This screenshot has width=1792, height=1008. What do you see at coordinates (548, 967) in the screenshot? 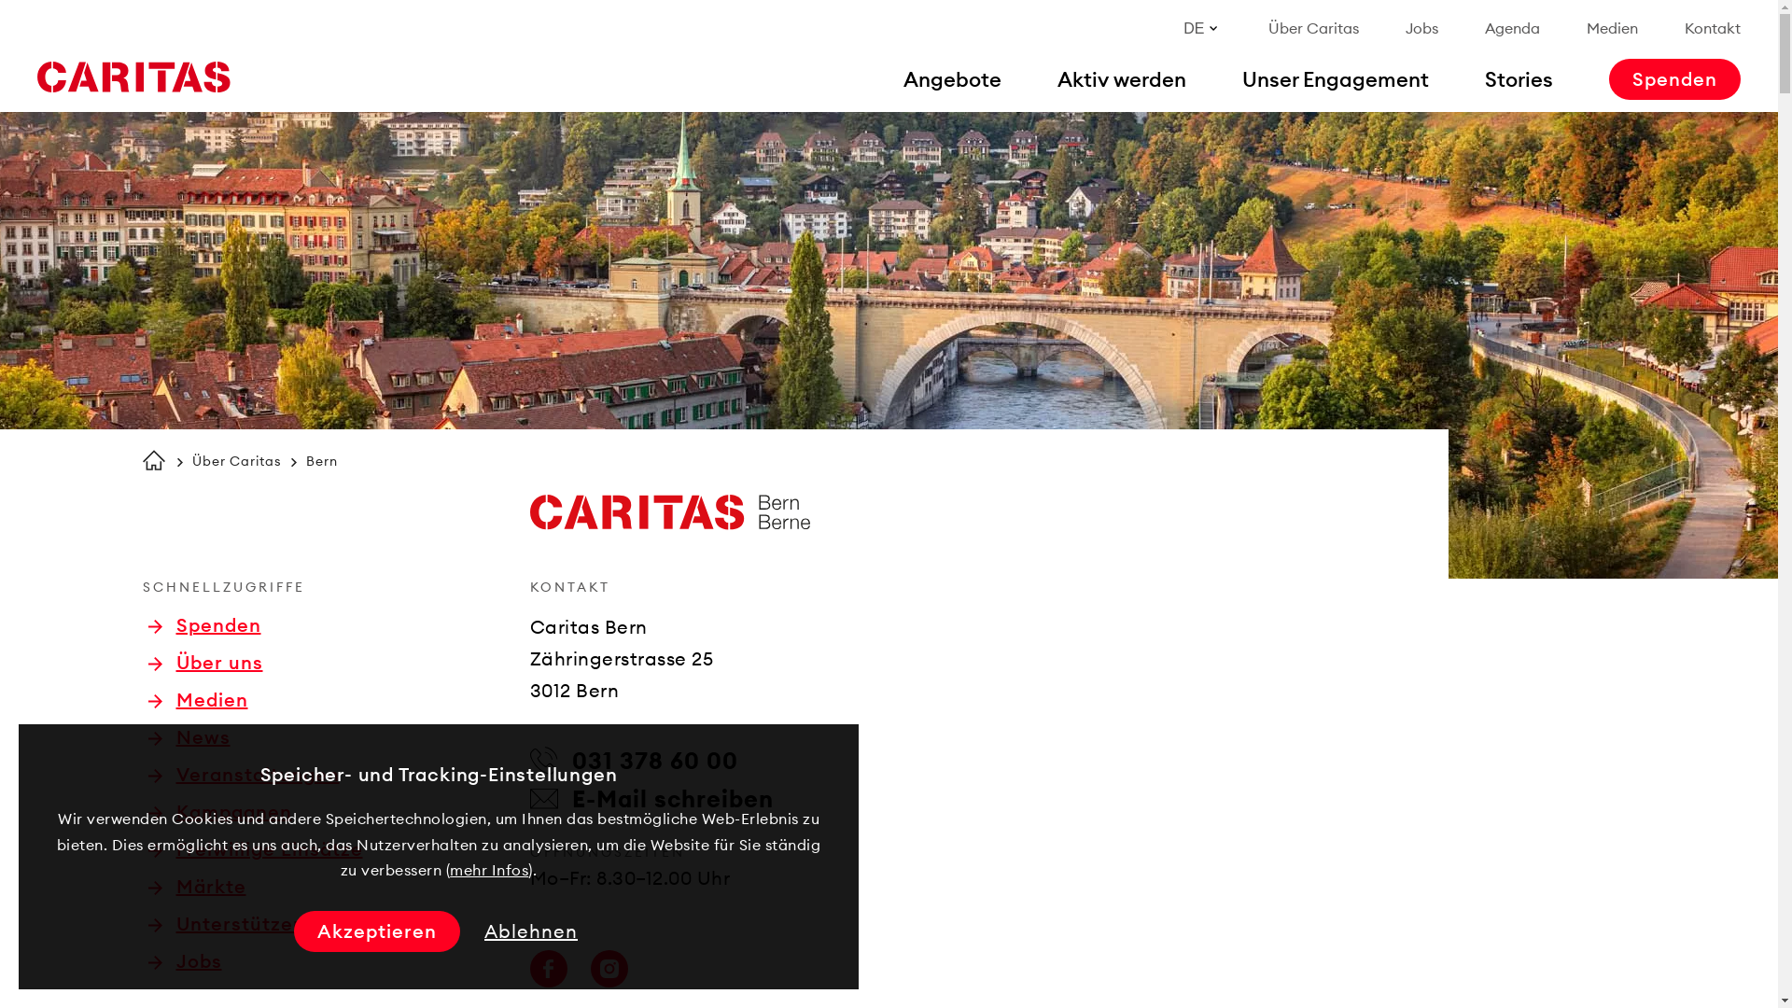
I see `'facebook'` at bounding box center [548, 967].